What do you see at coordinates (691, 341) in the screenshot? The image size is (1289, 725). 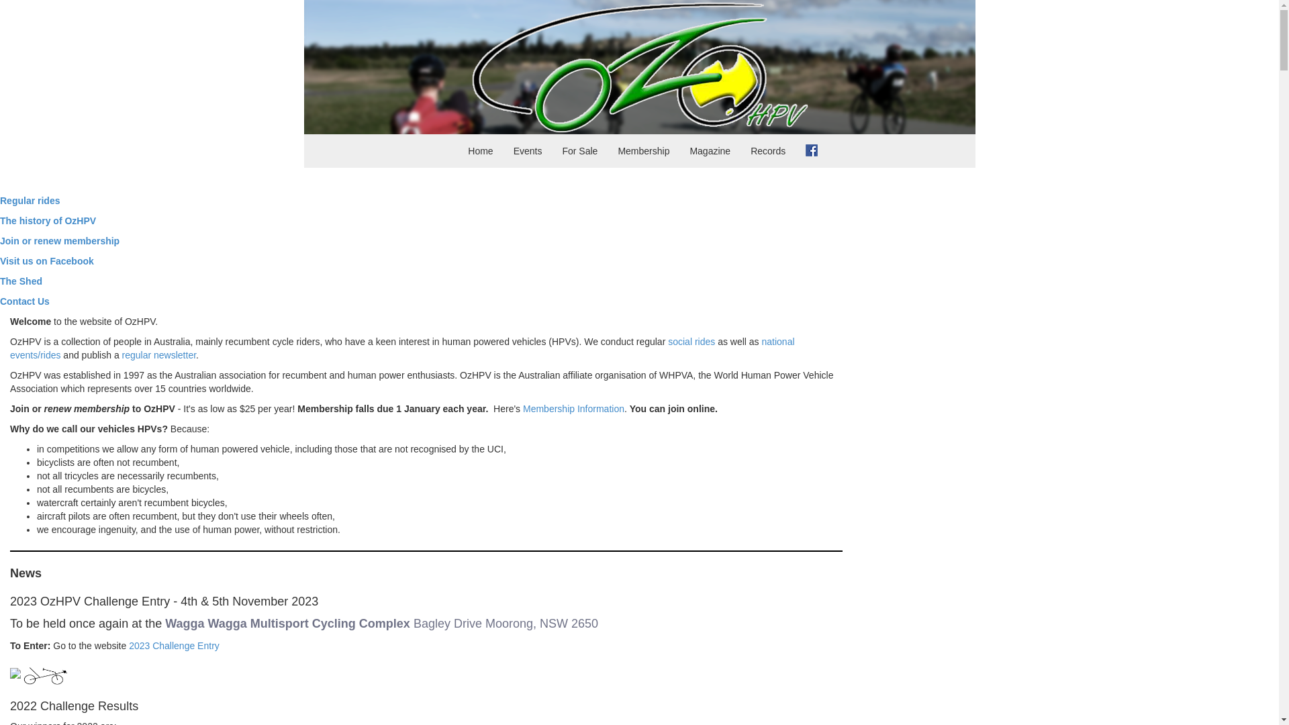 I see `'social rides'` at bounding box center [691, 341].